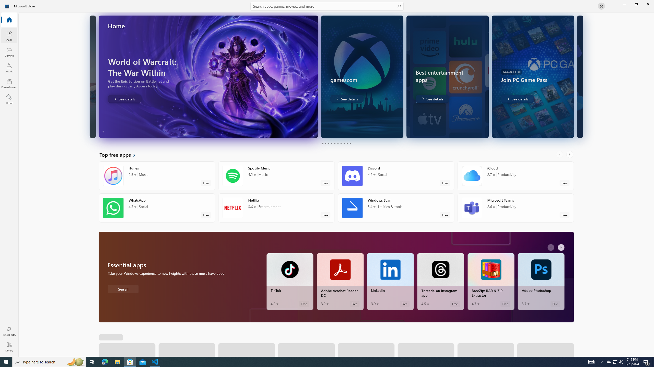 The height and width of the screenshot is (367, 654). Describe the element at coordinates (123, 289) in the screenshot. I see `'See all  Essential apps'` at that location.